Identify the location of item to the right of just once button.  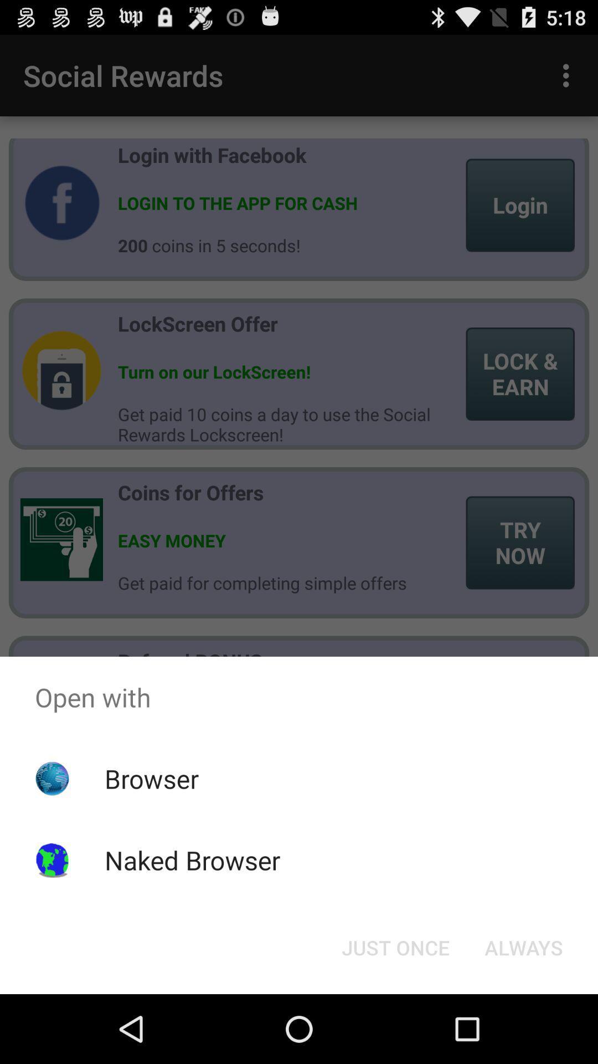
(523, 947).